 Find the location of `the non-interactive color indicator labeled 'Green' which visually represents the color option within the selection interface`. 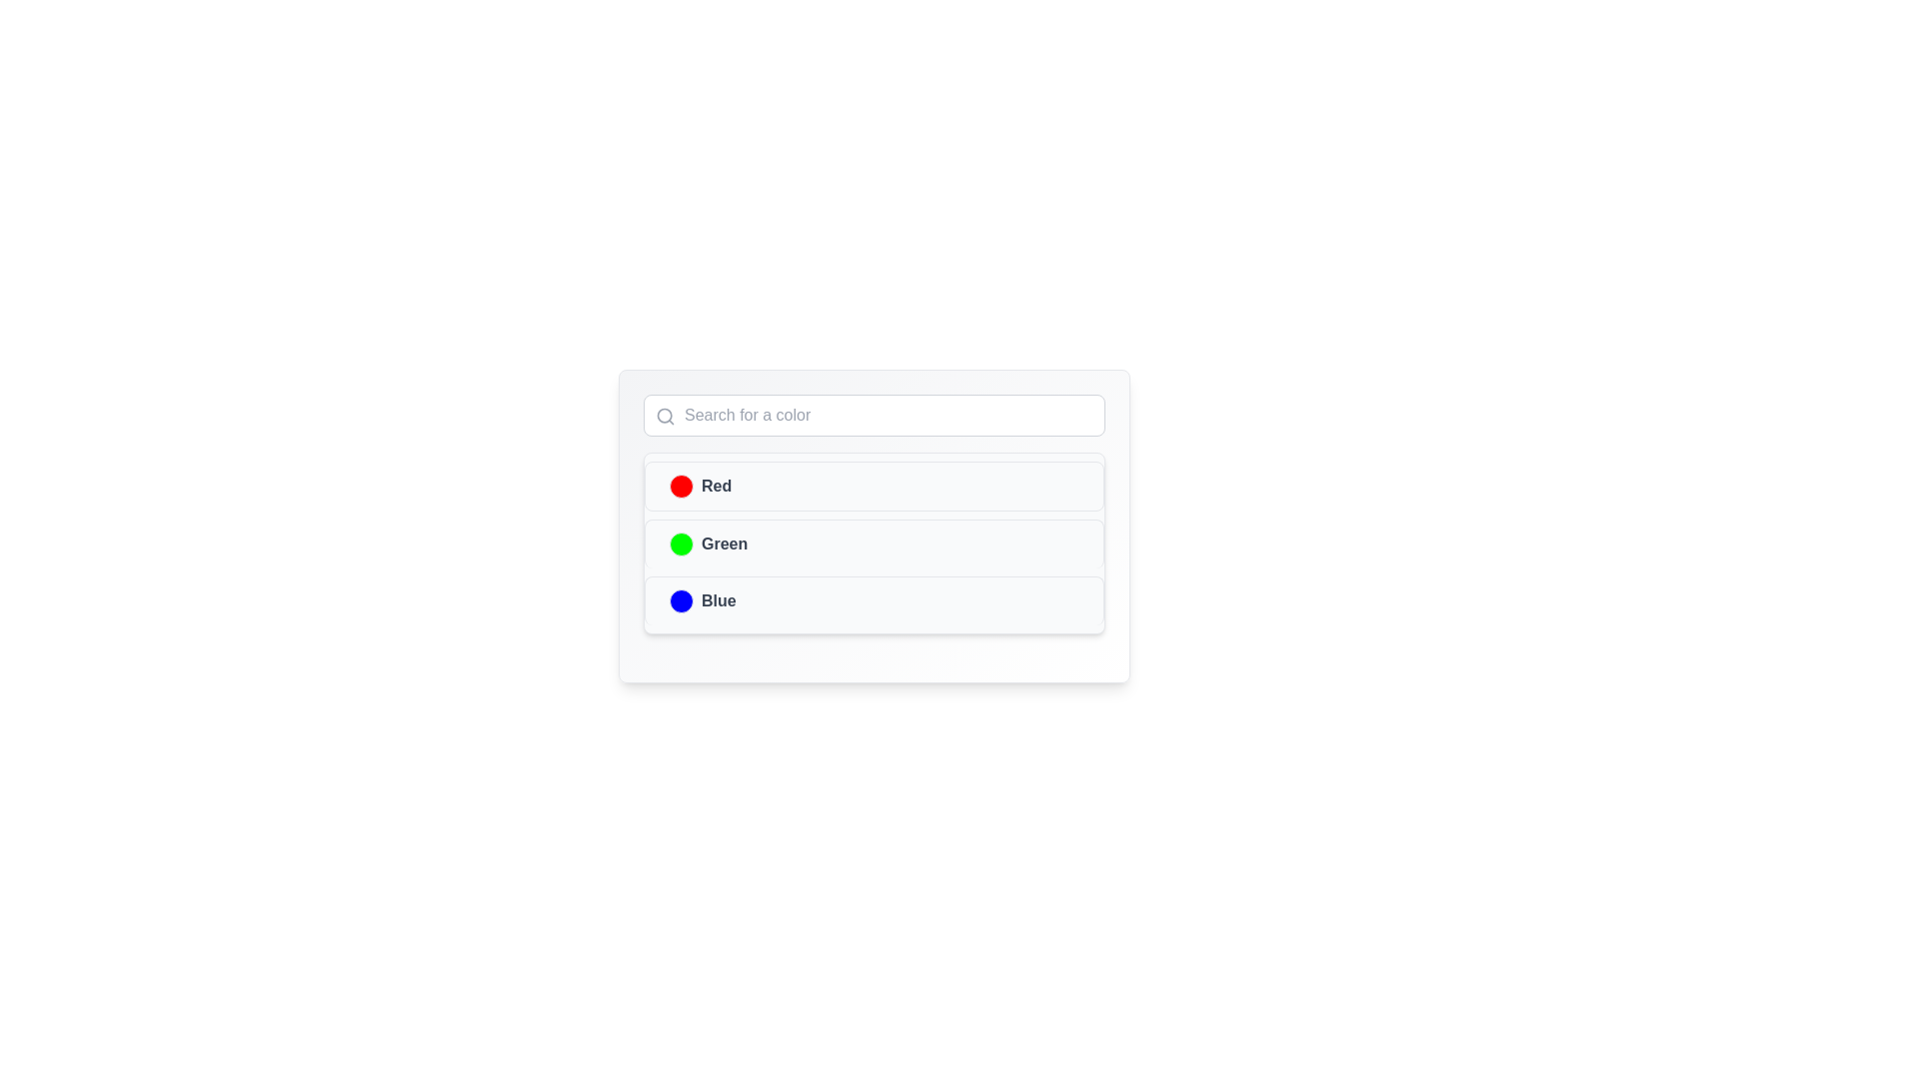

the non-interactive color indicator labeled 'Green' which visually represents the color option within the selection interface is located at coordinates (709, 543).